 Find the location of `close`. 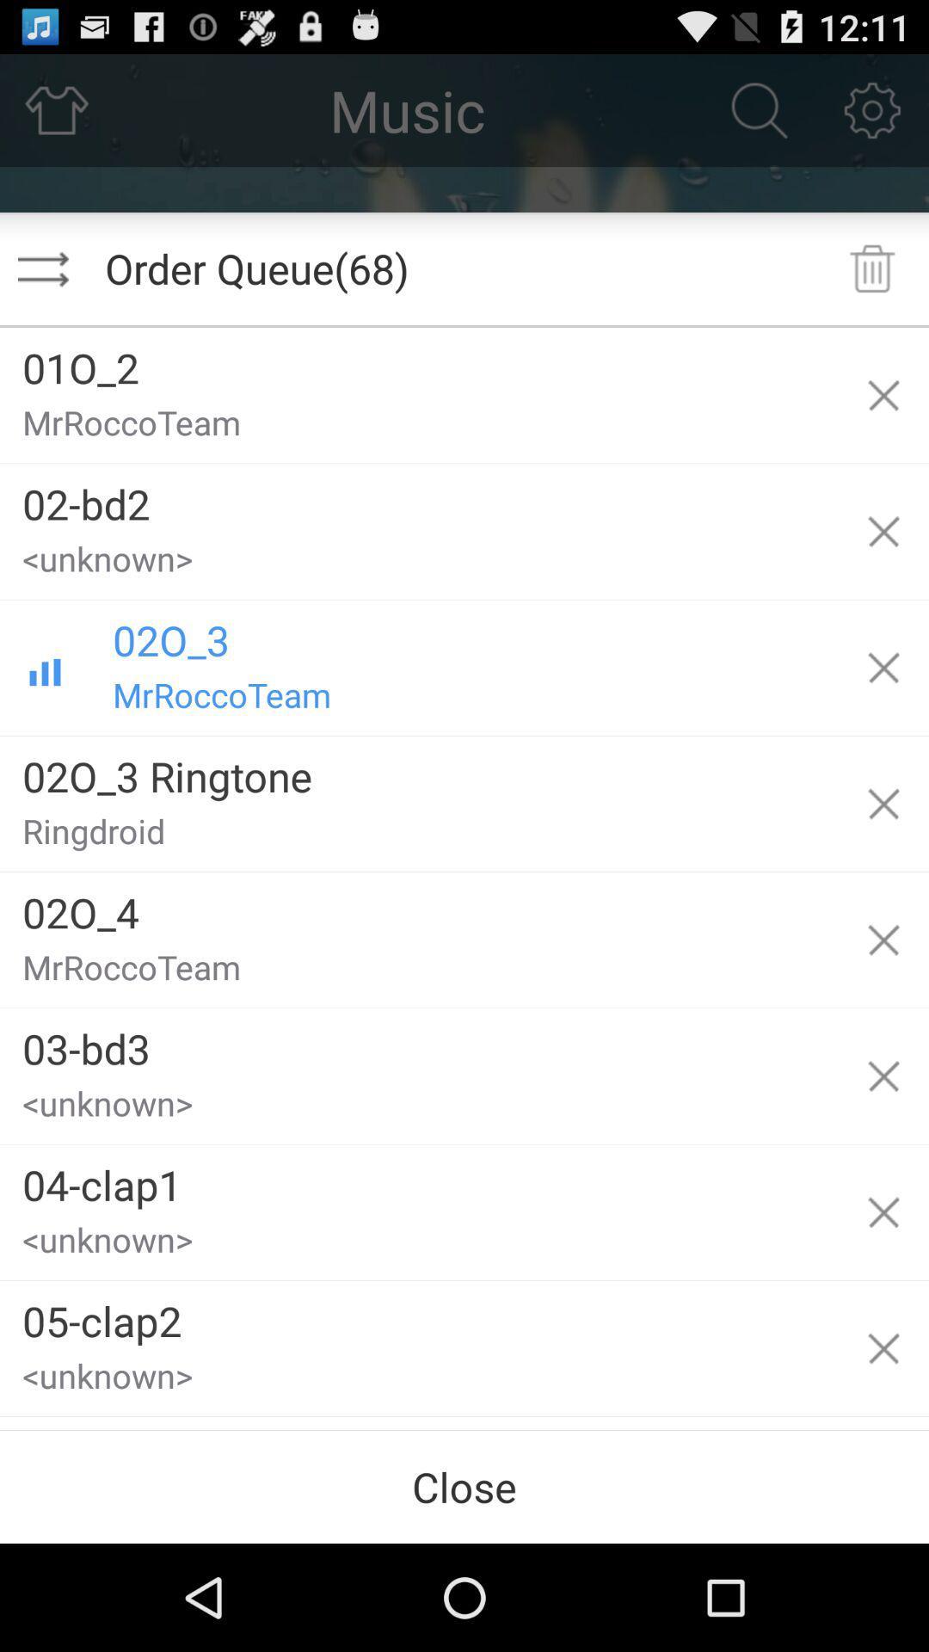

close is located at coordinates (464, 1486).